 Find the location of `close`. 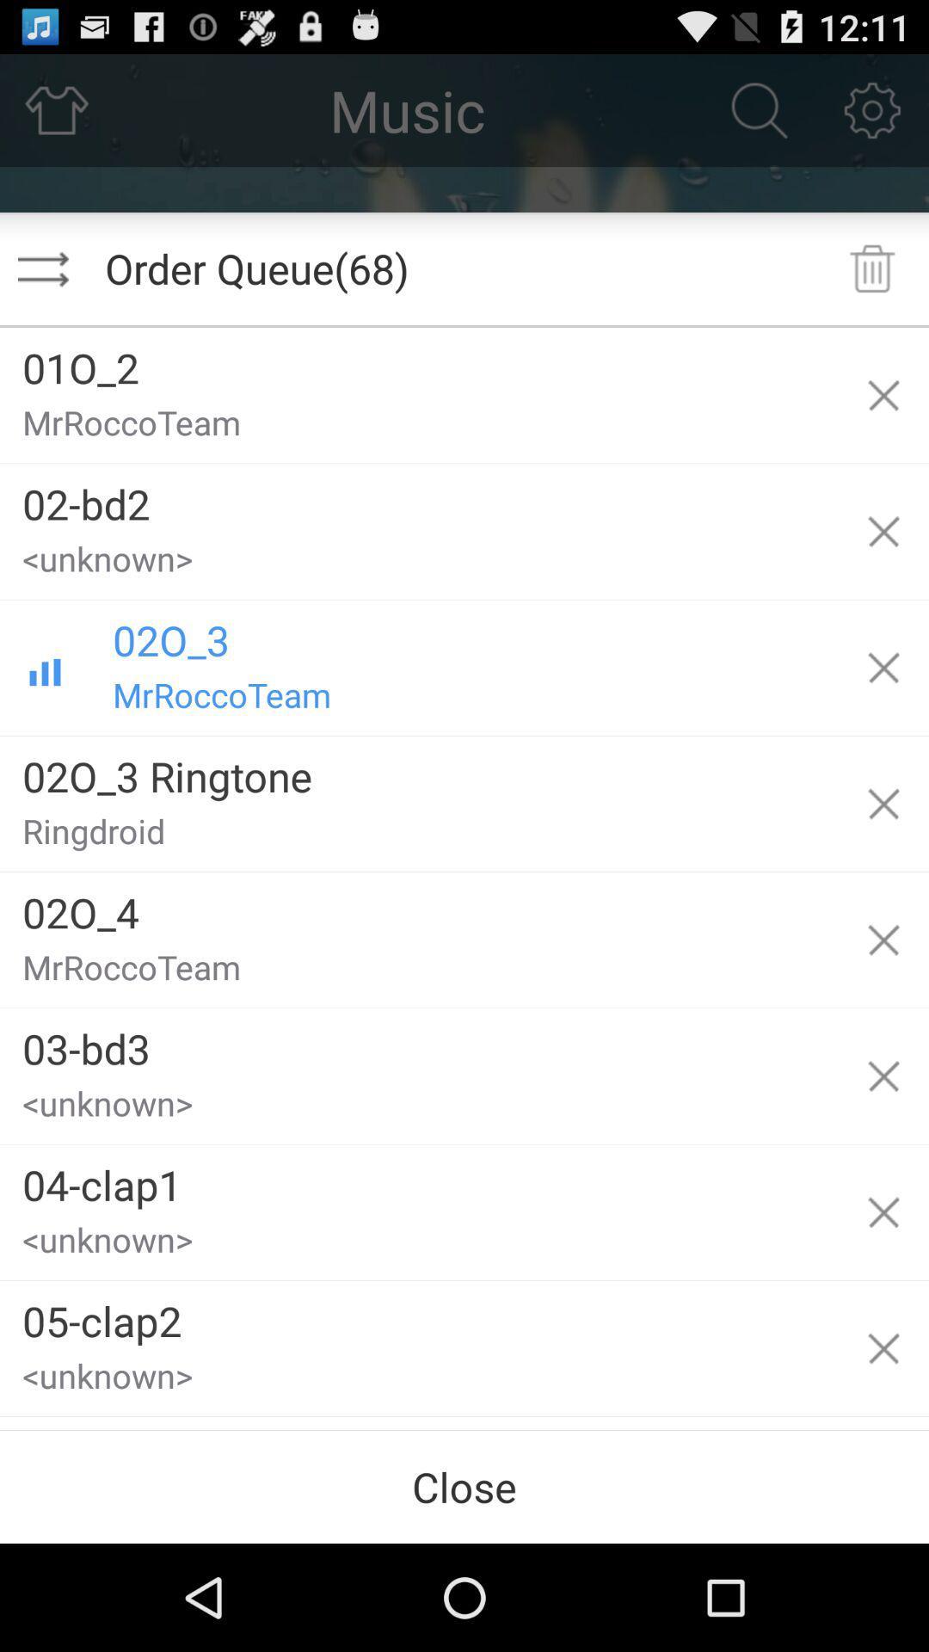

close is located at coordinates (464, 1486).